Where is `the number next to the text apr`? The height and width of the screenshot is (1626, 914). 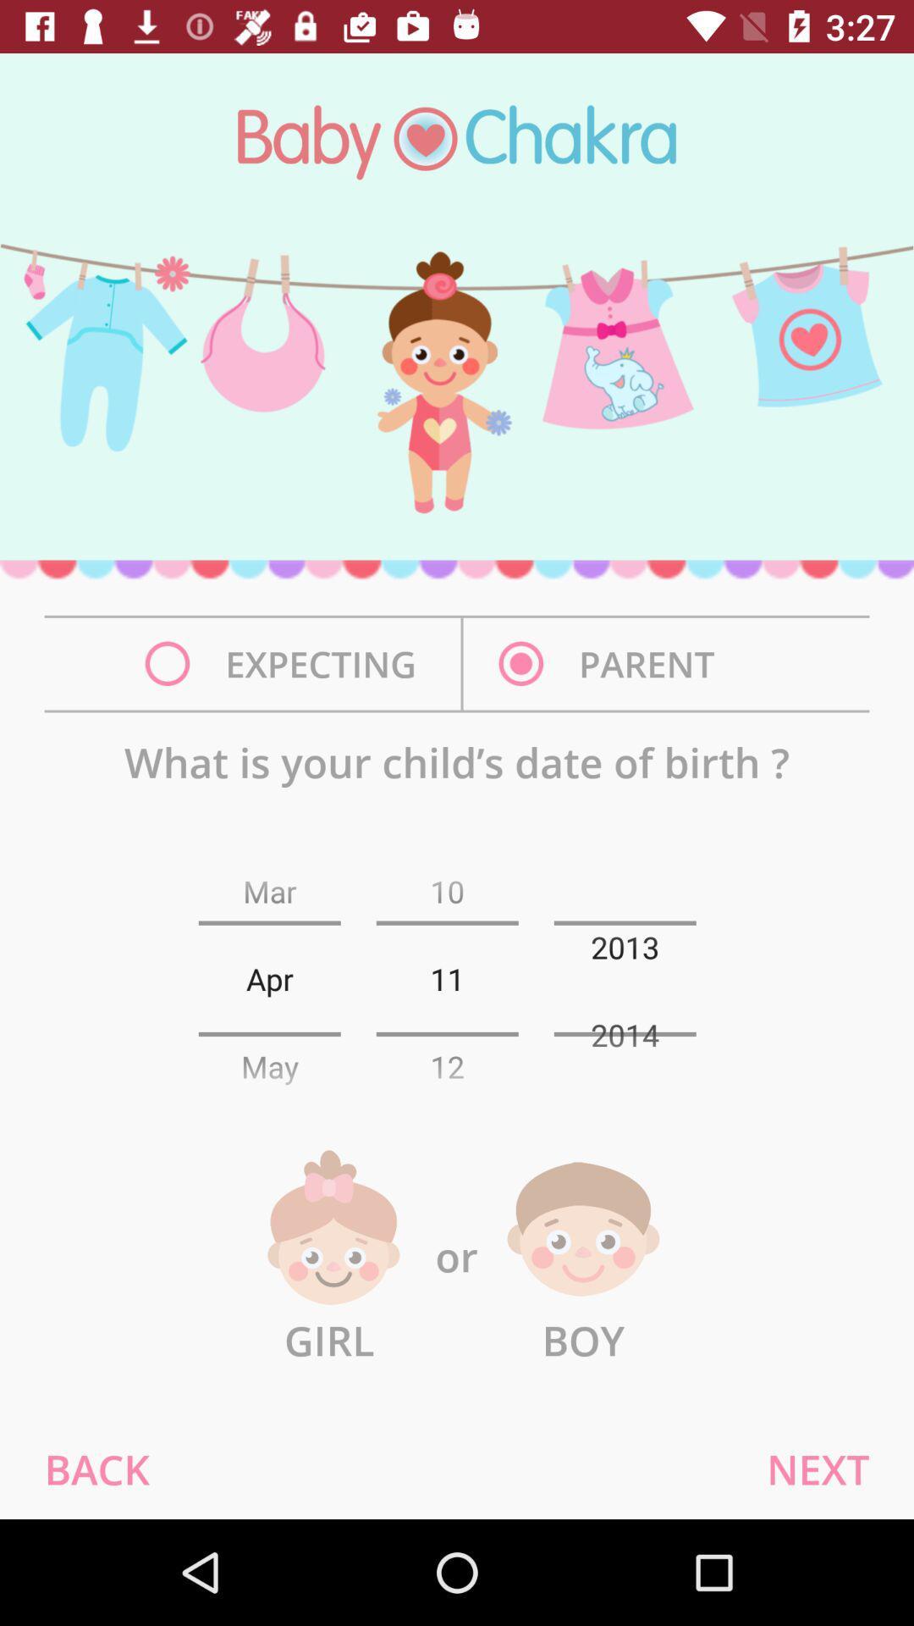
the number next to the text apr is located at coordinates (446, 979).